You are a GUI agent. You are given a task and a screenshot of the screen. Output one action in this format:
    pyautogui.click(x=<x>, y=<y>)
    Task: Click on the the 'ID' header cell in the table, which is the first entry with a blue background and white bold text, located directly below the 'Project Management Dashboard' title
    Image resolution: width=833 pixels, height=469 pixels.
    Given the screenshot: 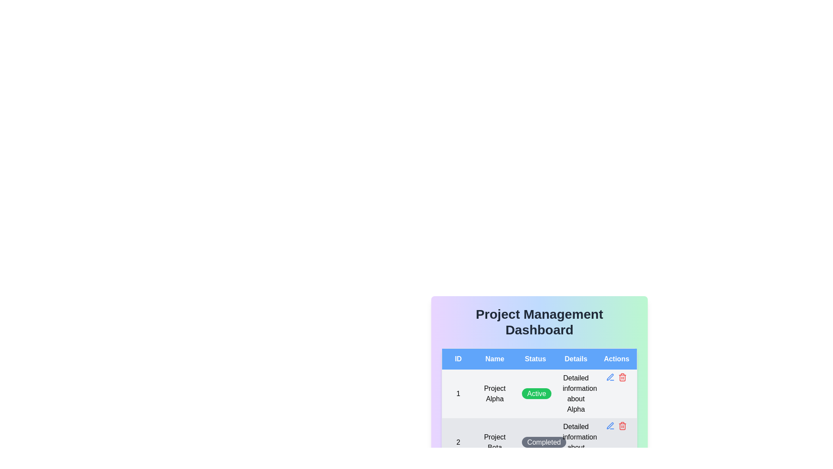 What is the action you would take?
    pyautogui.click(x=458, y=359)
    